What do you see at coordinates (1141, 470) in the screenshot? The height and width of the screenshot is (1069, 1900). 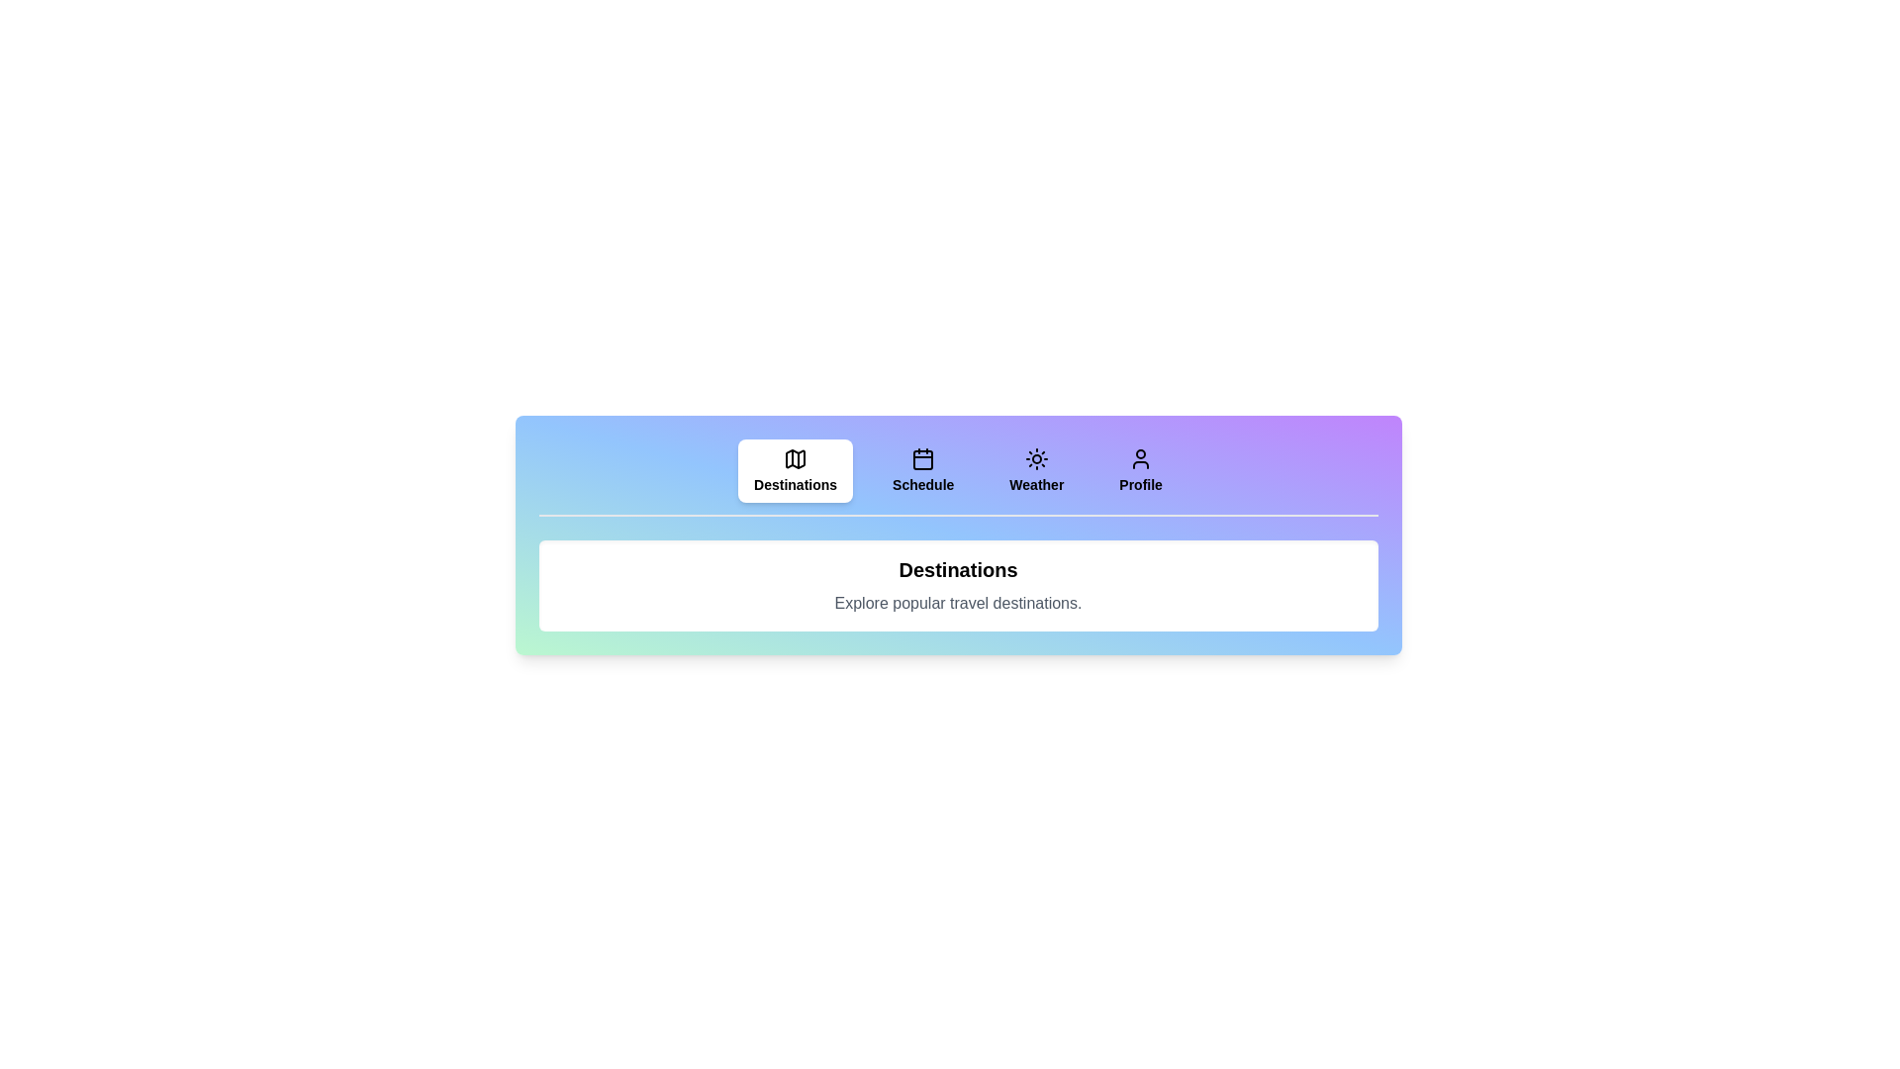 I see `the Profile tab to see its hover effect` at bounding box center [1141, 470].